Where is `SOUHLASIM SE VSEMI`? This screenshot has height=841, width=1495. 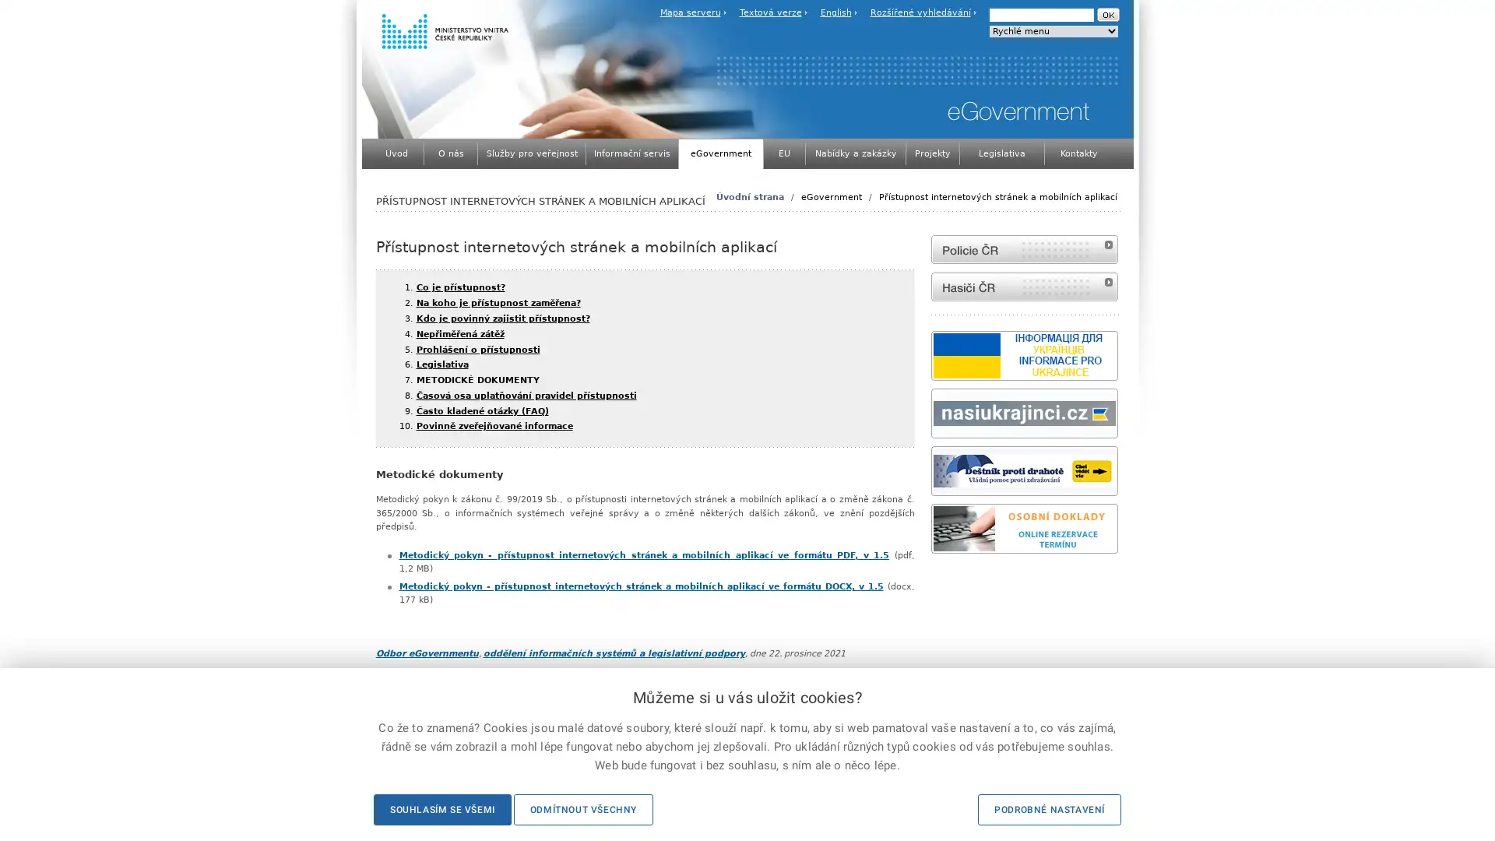 SOUHLASIM SE VSEMI is located at coordinates (441, 809).